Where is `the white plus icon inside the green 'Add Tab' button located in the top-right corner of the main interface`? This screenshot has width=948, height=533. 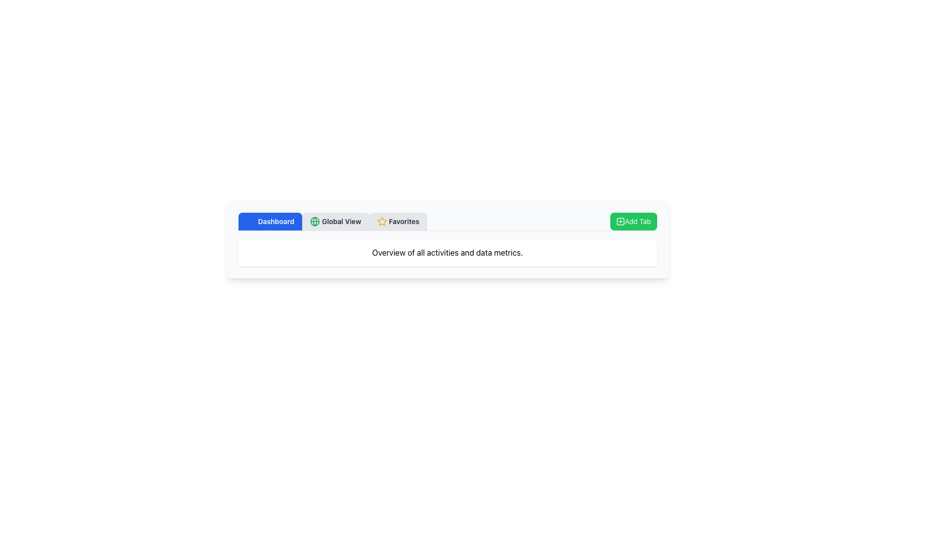 the white plus icon inside the green 'Add Tab' button located in the top-right corner of the main interface is located at coordinates (620, 221).